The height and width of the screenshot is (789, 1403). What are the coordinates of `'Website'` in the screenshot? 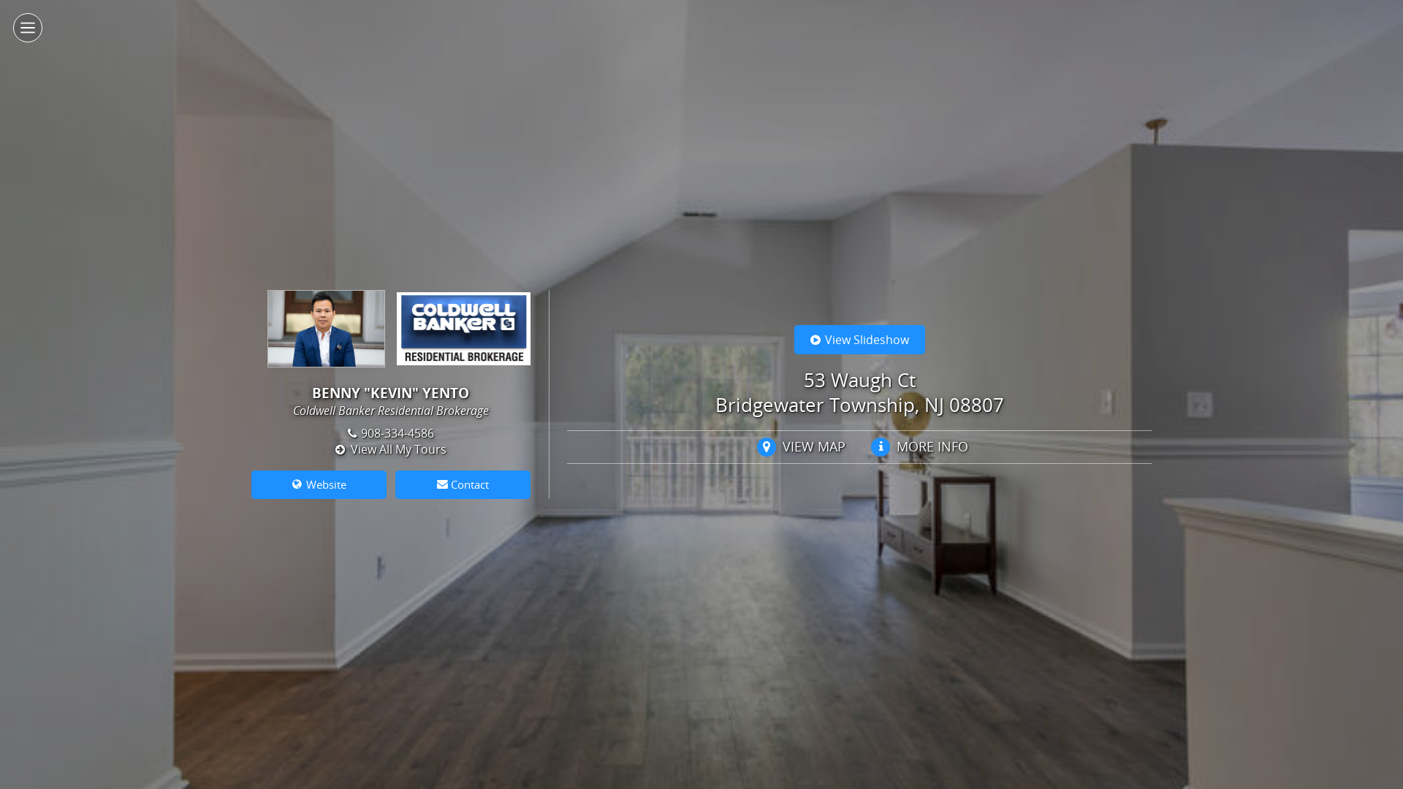 It's located at (318, 484).